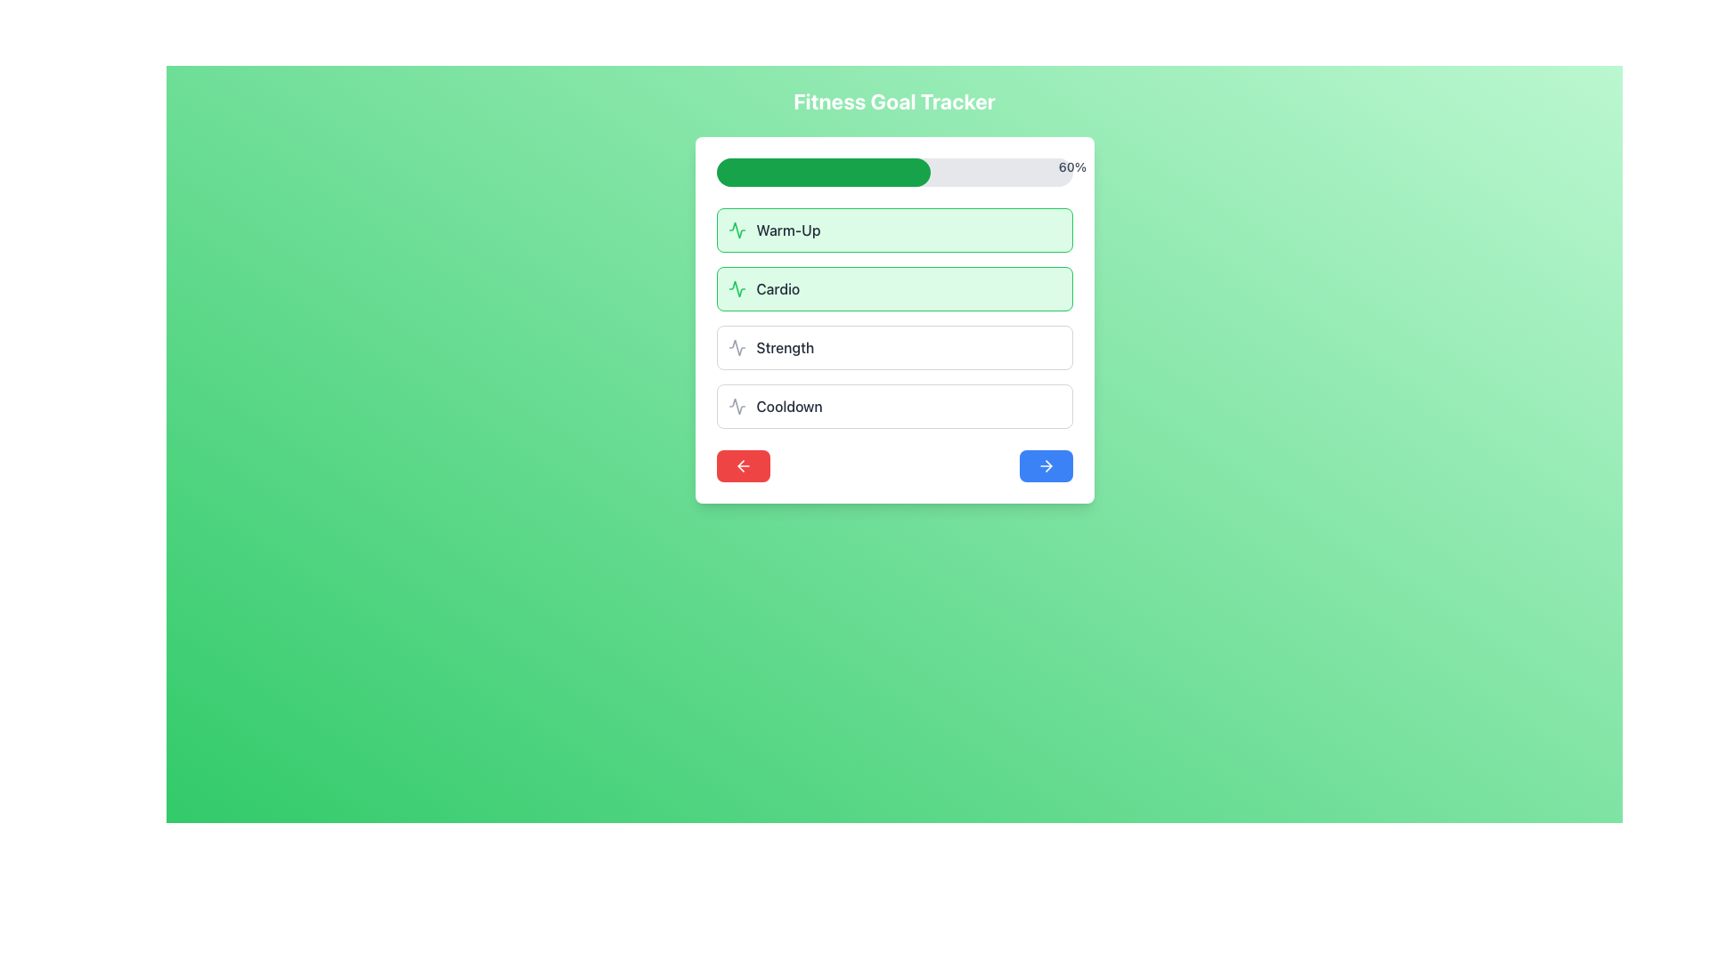 The width and height of the screenshot is (1710, 961). Describe the element at coordinates (784, 347) in the screenshot. I see `the Text Label located in the third option of a vertical list, which is positioned beneath the 'Cardio' option and above 'Cooldown'` at that location.